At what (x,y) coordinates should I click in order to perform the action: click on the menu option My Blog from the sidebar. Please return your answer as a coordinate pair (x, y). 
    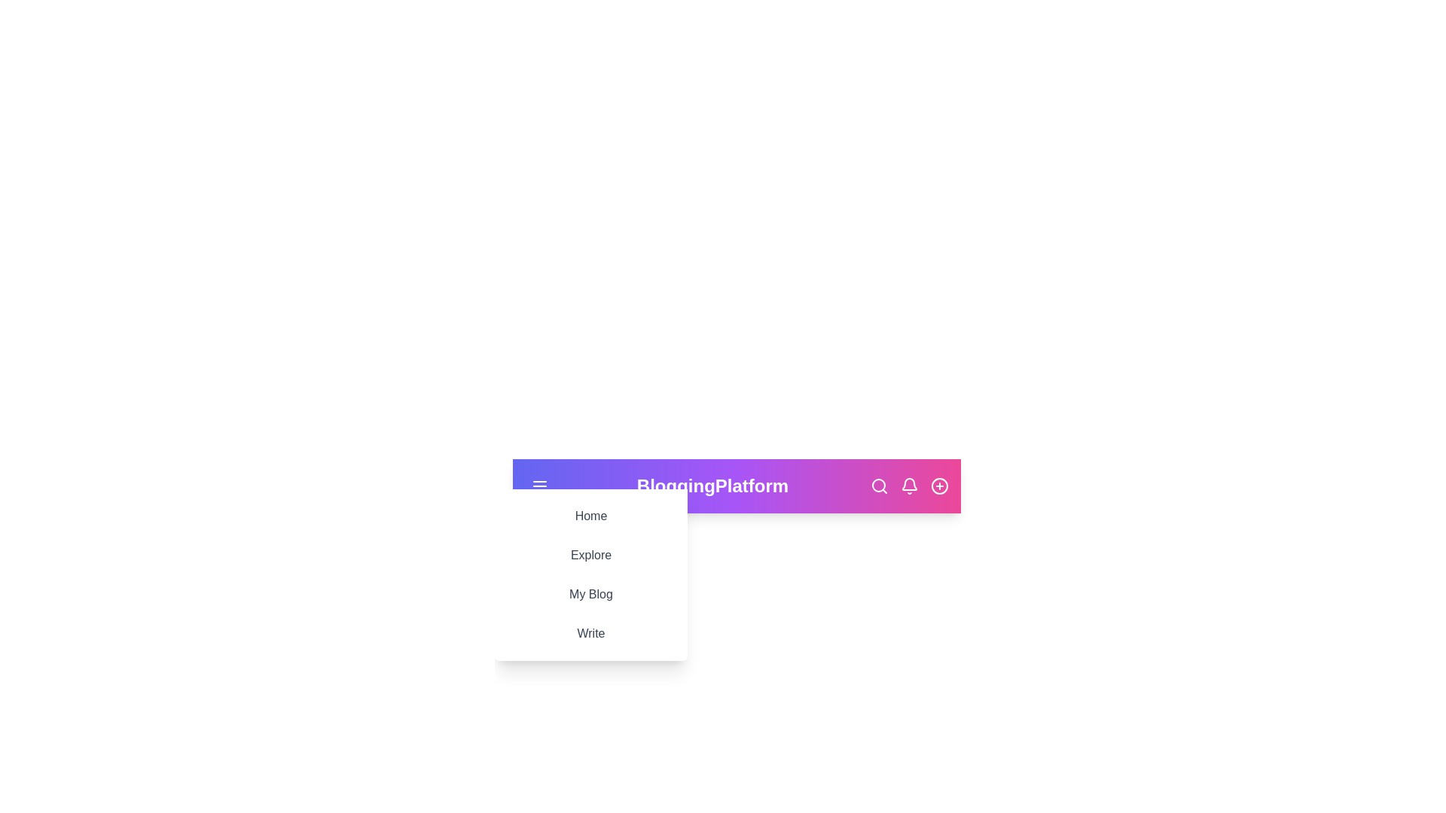
    Looking at the image, I should click on (590, 594).